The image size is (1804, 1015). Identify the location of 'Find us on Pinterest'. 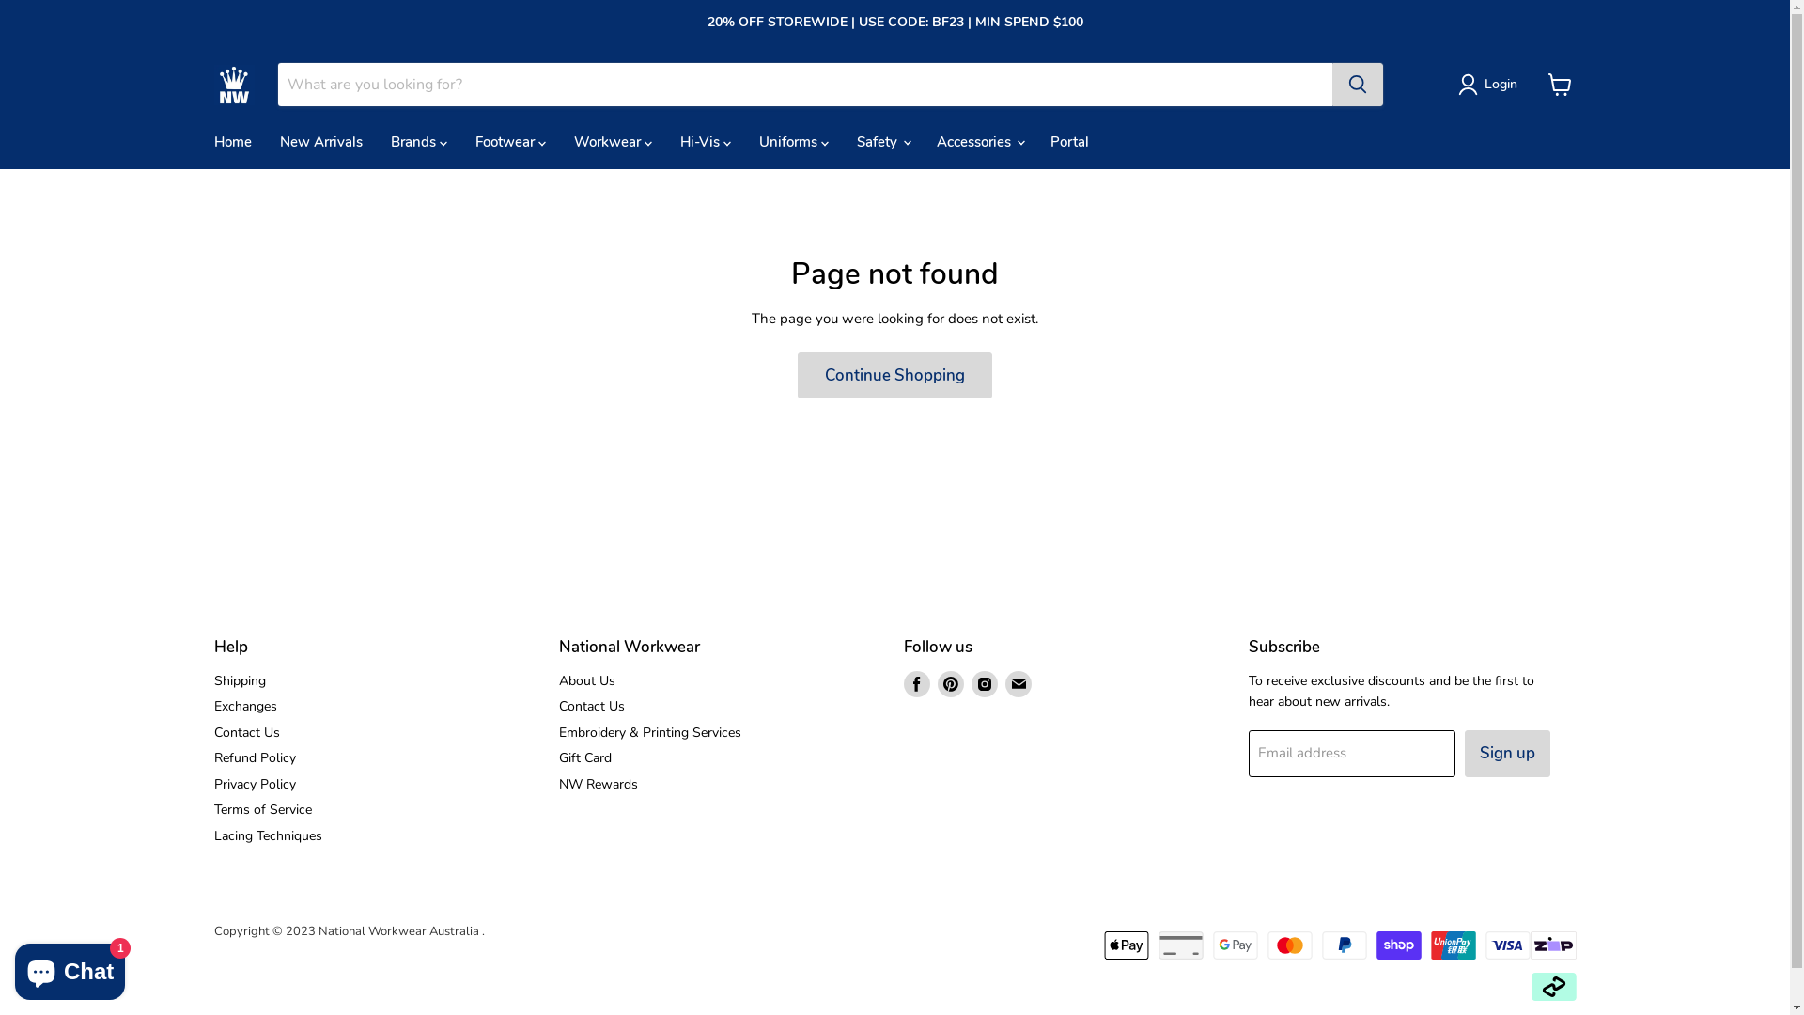
(951, 684).